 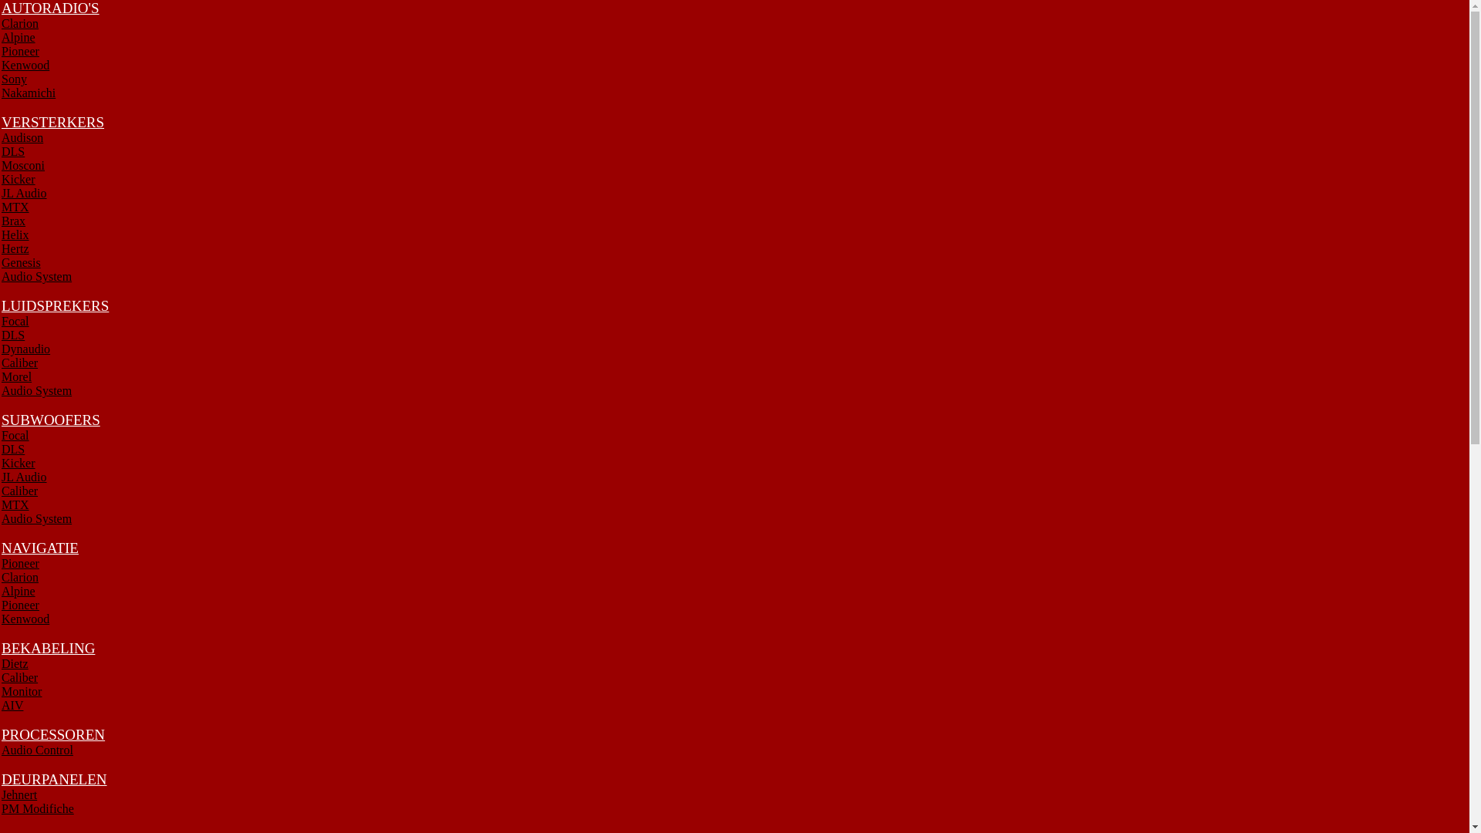 I want to click on 'Clarion', so click(x=19, y=23).